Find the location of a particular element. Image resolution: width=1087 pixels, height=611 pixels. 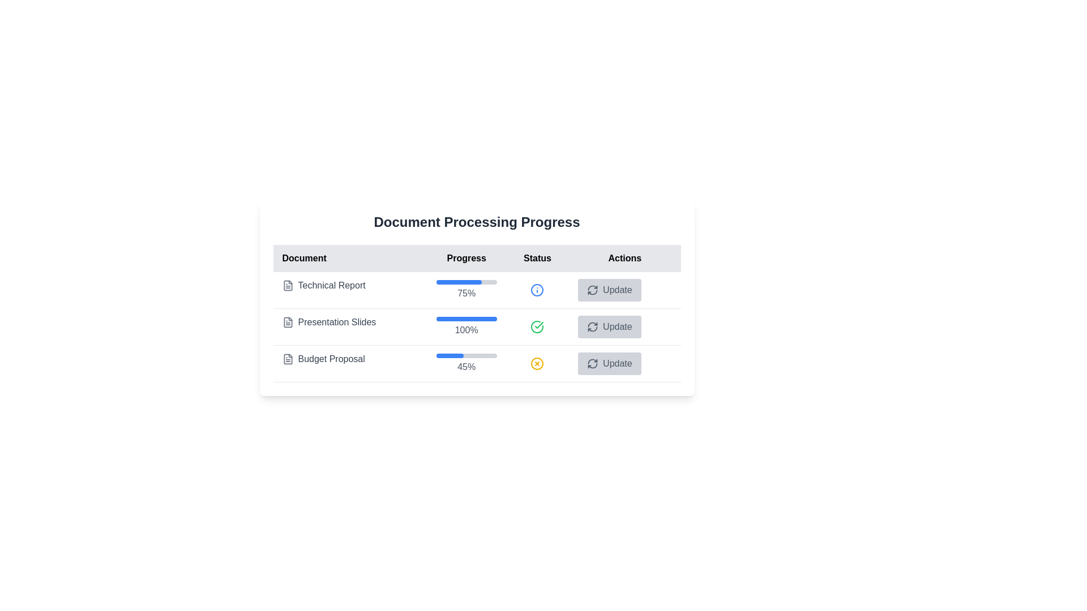

the 'Status' label, which is the third item in a row of headers, displaying the word 'Status' in black font against a light gray background is located at coordinates (537, 258).